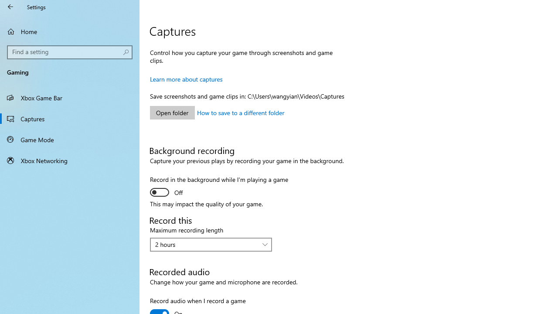  I want to click on 'Learn more about captures', so click(186, 79).